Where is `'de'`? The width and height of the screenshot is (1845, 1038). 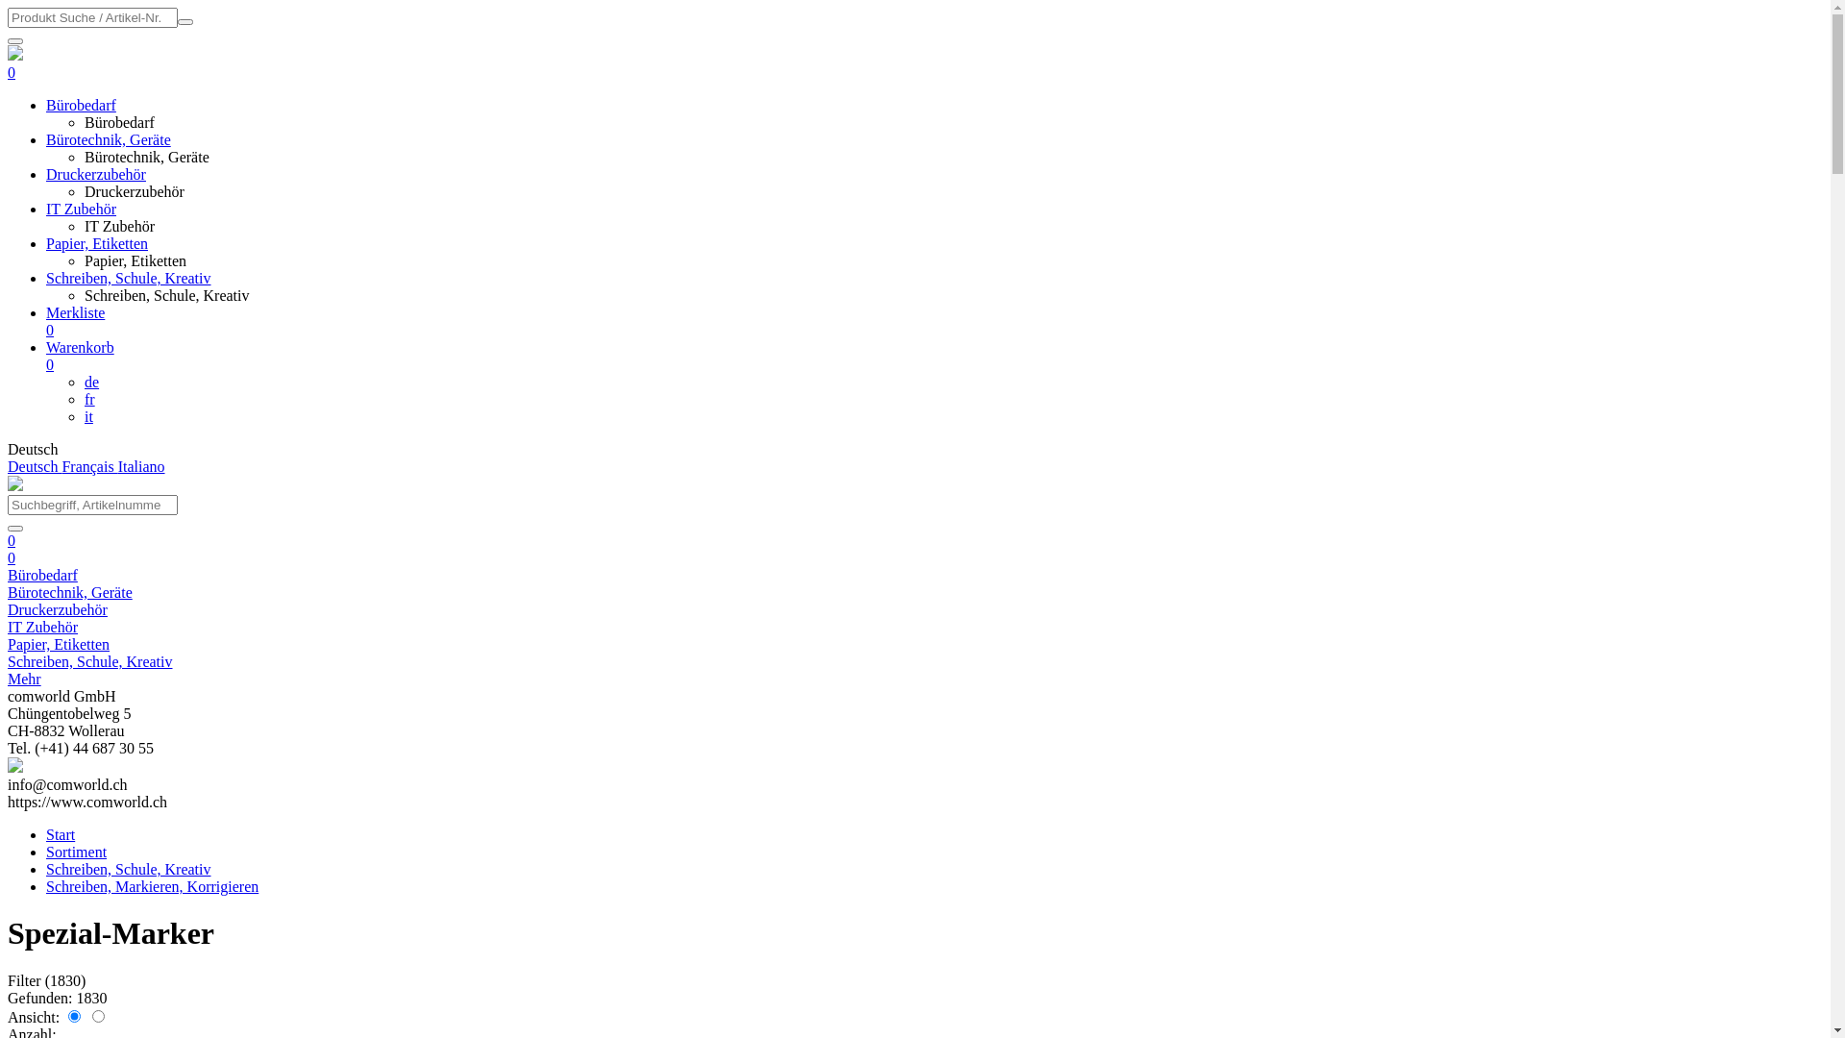
'de' is located at coordinates (90, 382).